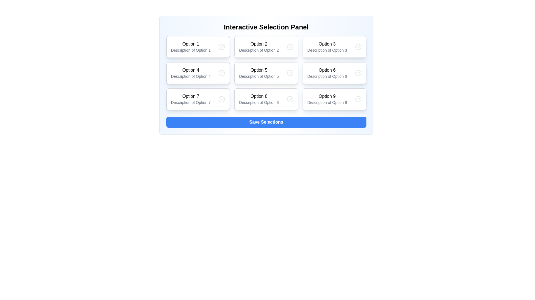 The image size is (535, 300). Describe the element at coordinates (266, 122) in the screenshot. I see `the 'Save Selections' button to save the current selections` at that location.